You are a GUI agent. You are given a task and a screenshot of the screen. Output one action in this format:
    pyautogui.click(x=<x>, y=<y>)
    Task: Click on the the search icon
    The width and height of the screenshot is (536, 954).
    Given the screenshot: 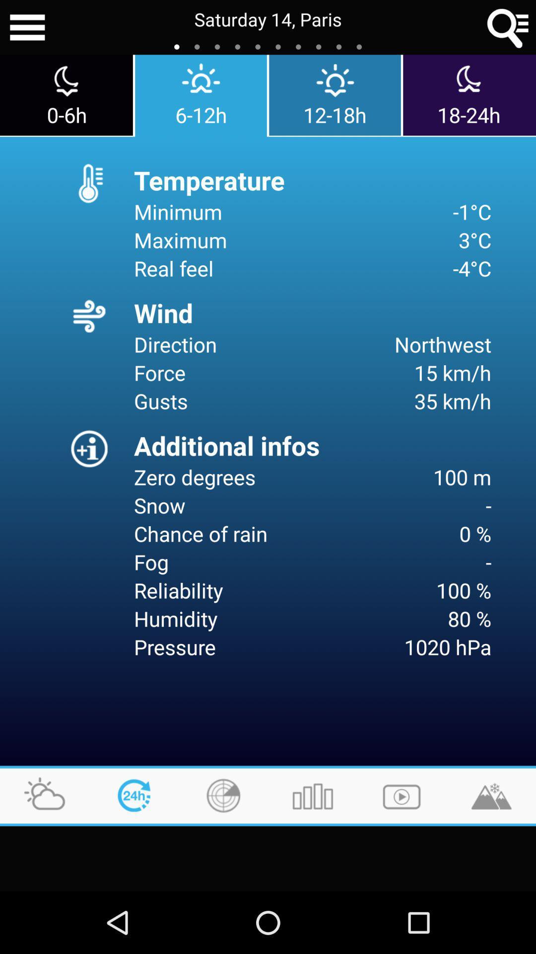 What is the action you would take?
    pyautogui.click(x=508, y=29)
    